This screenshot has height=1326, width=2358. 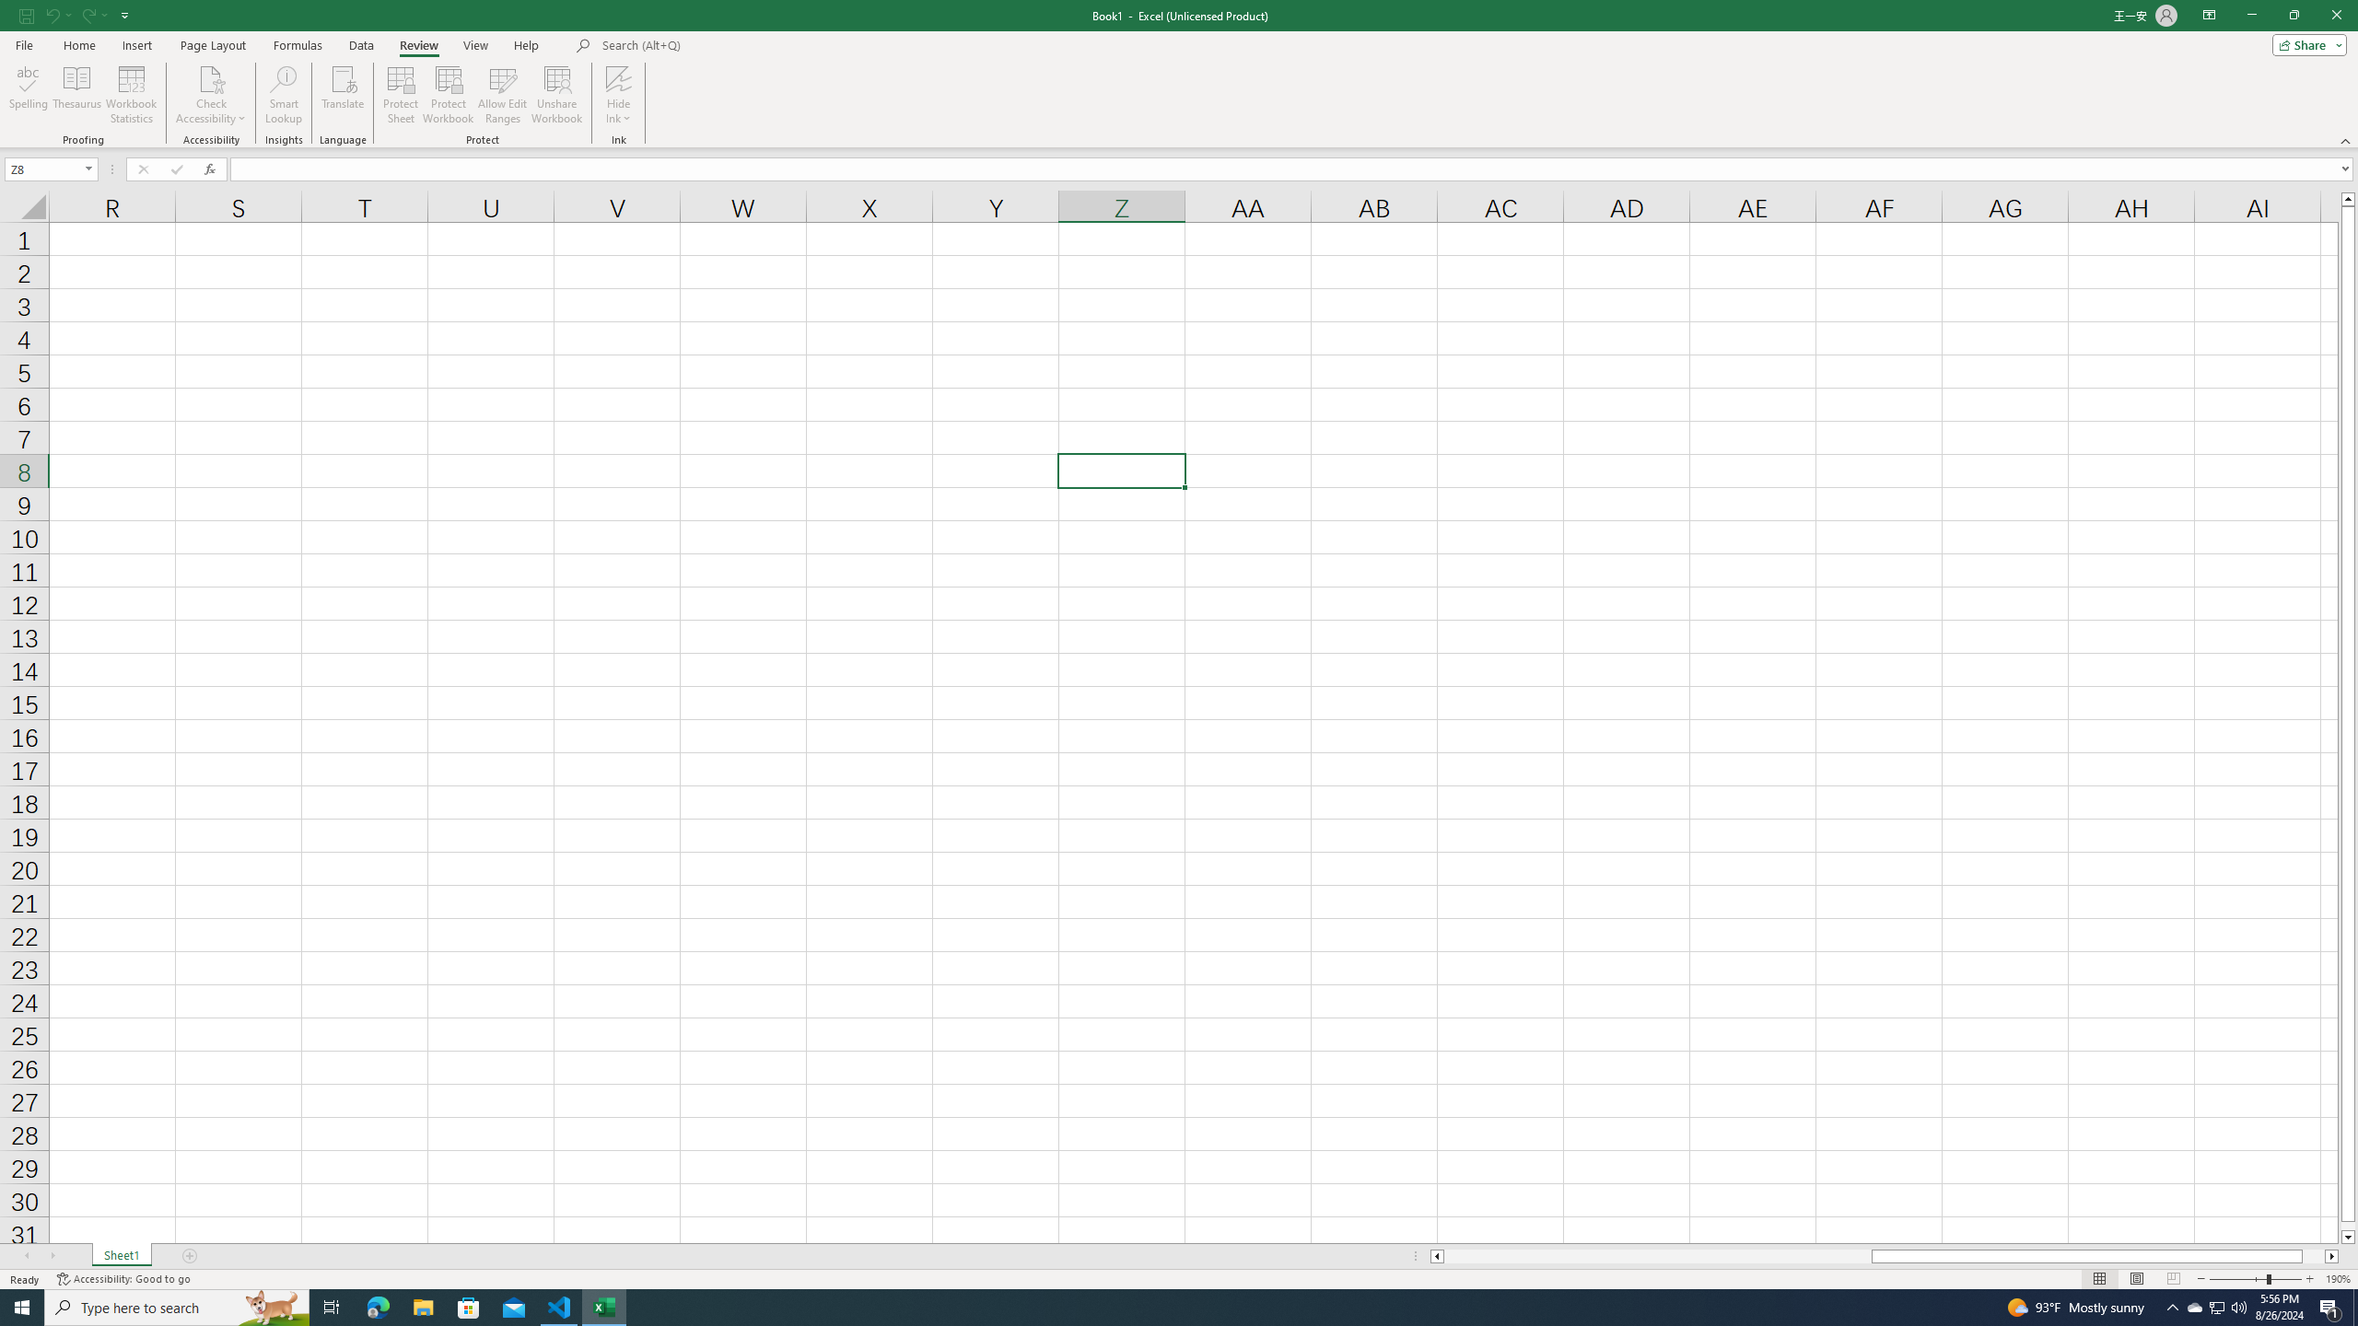 What do you see at coordinates (26, 1255) in the screenshot?
I see `'Scroll Left'` at bounding box center [26, 1255].